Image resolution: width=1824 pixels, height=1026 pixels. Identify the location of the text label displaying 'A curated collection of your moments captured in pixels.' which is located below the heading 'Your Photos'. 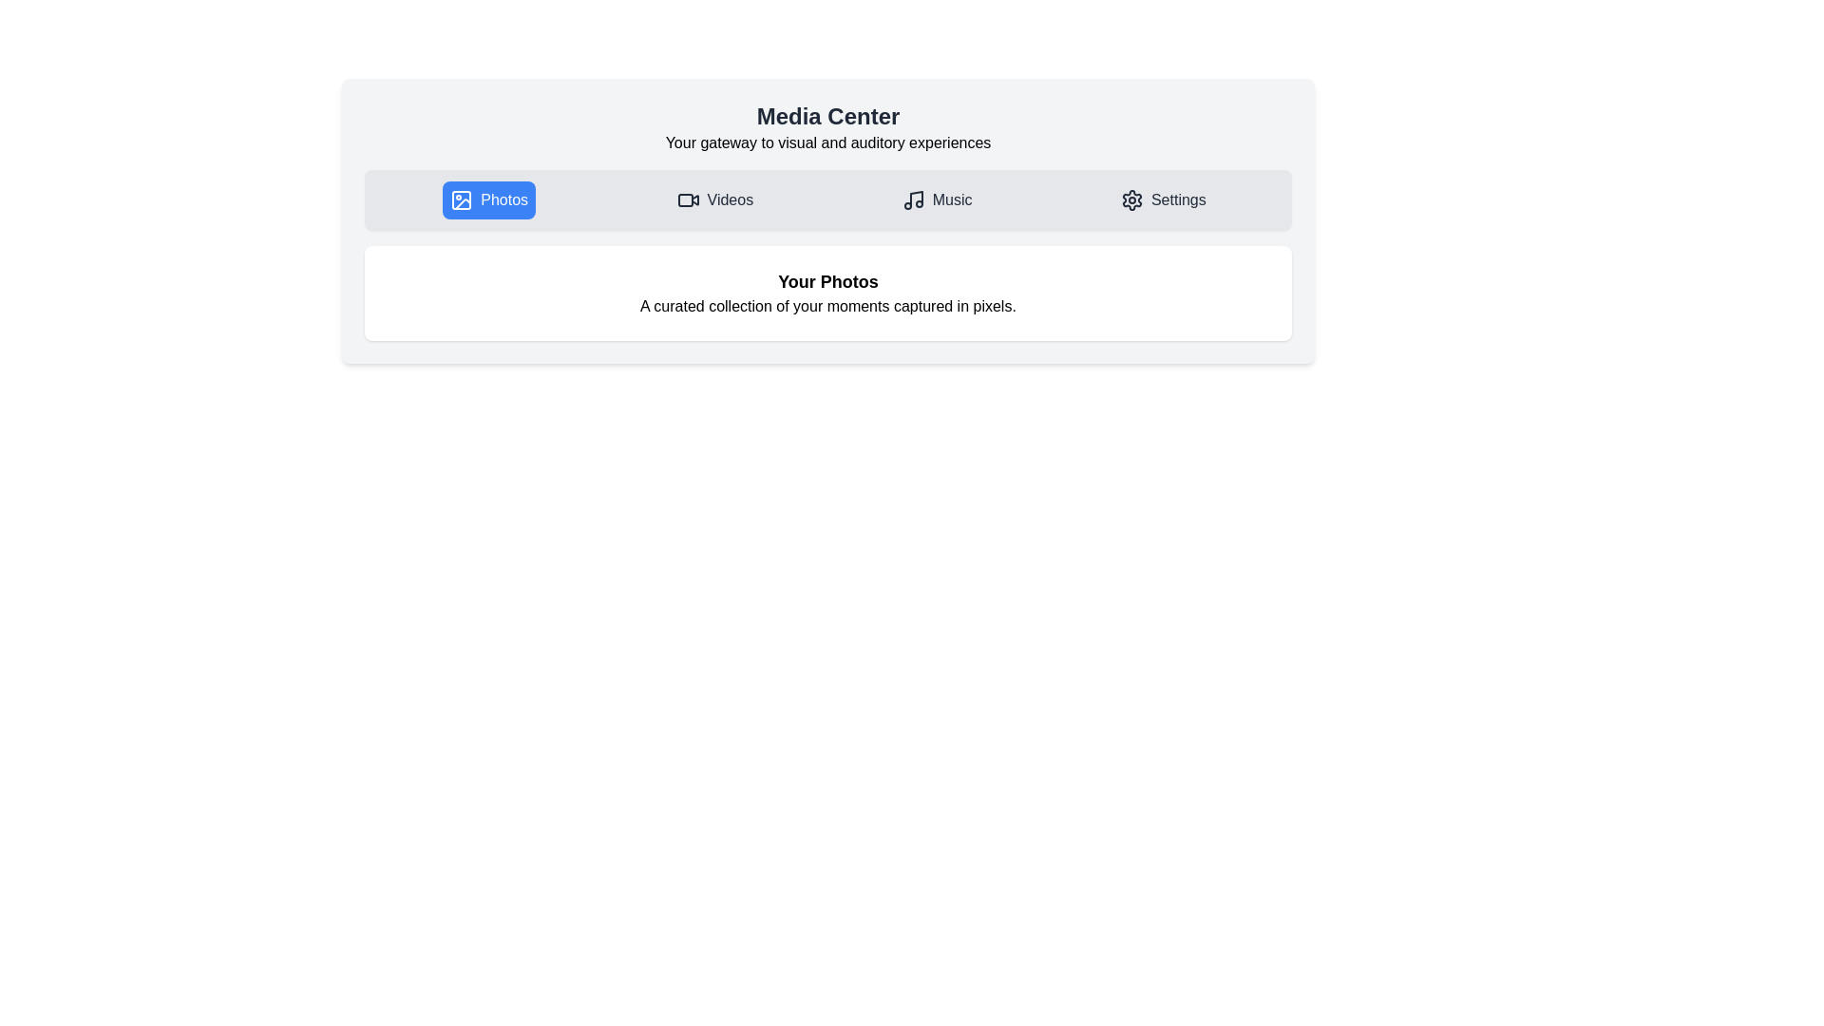
(828, 306).